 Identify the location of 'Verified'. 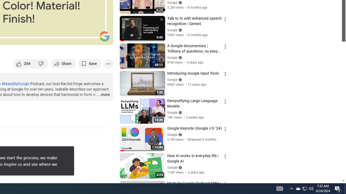
(179, 167).